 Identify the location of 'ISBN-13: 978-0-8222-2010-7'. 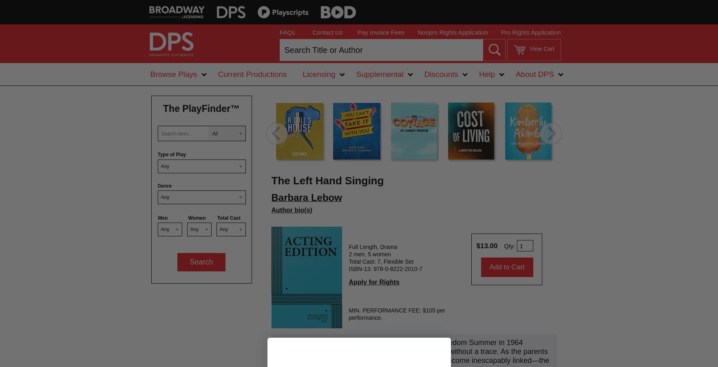
(385, 268).